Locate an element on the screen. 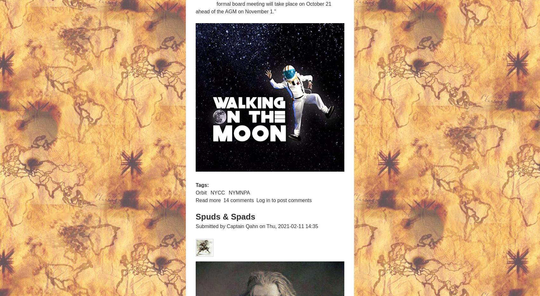 The height and width of the screenshot is (296, 540). 'to post comments' is located at coordinates (291, 200).